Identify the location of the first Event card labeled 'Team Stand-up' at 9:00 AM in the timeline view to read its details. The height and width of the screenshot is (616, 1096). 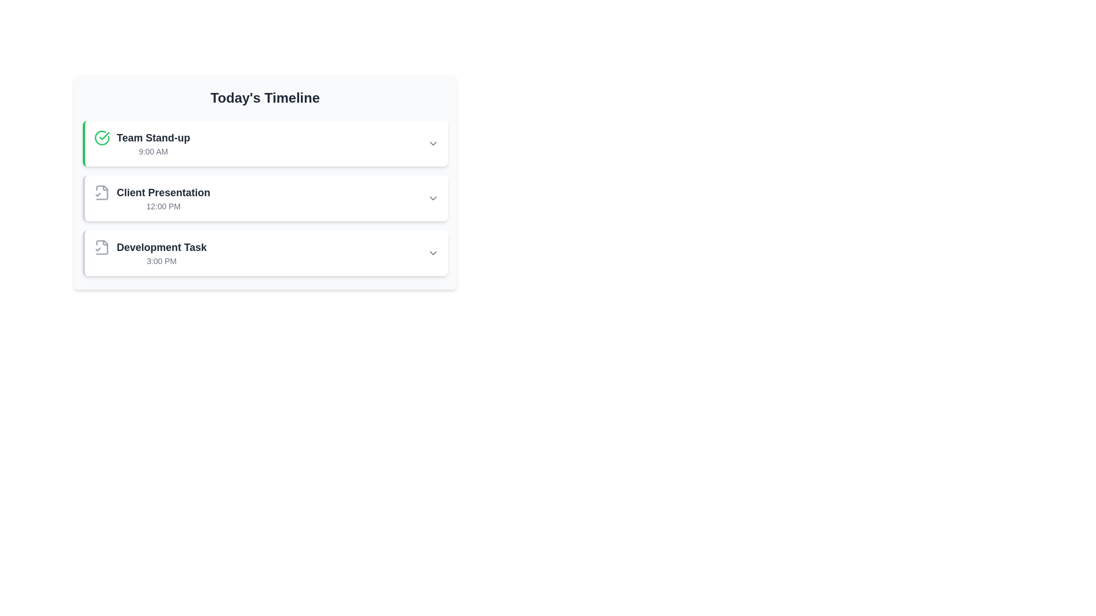
(264, 143).